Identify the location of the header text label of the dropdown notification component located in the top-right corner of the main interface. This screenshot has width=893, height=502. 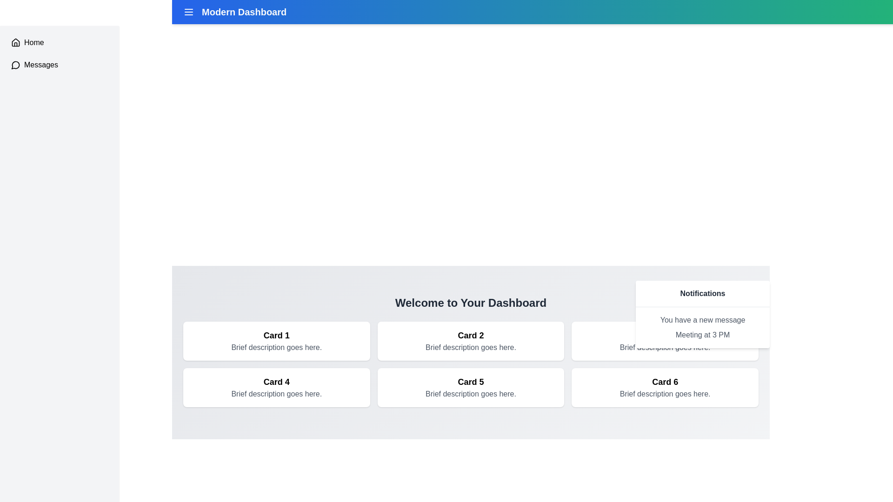
(703, 294).